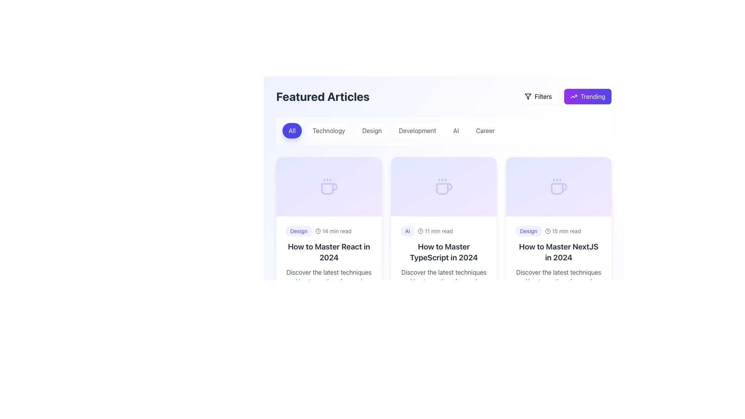 The image size is (745, 419). What do you see at coordinates (444, 235) in the screenshot?
I see `the interactive card titled 'How to Master TypeScript in 2024'` at bounding box center [444, 235].